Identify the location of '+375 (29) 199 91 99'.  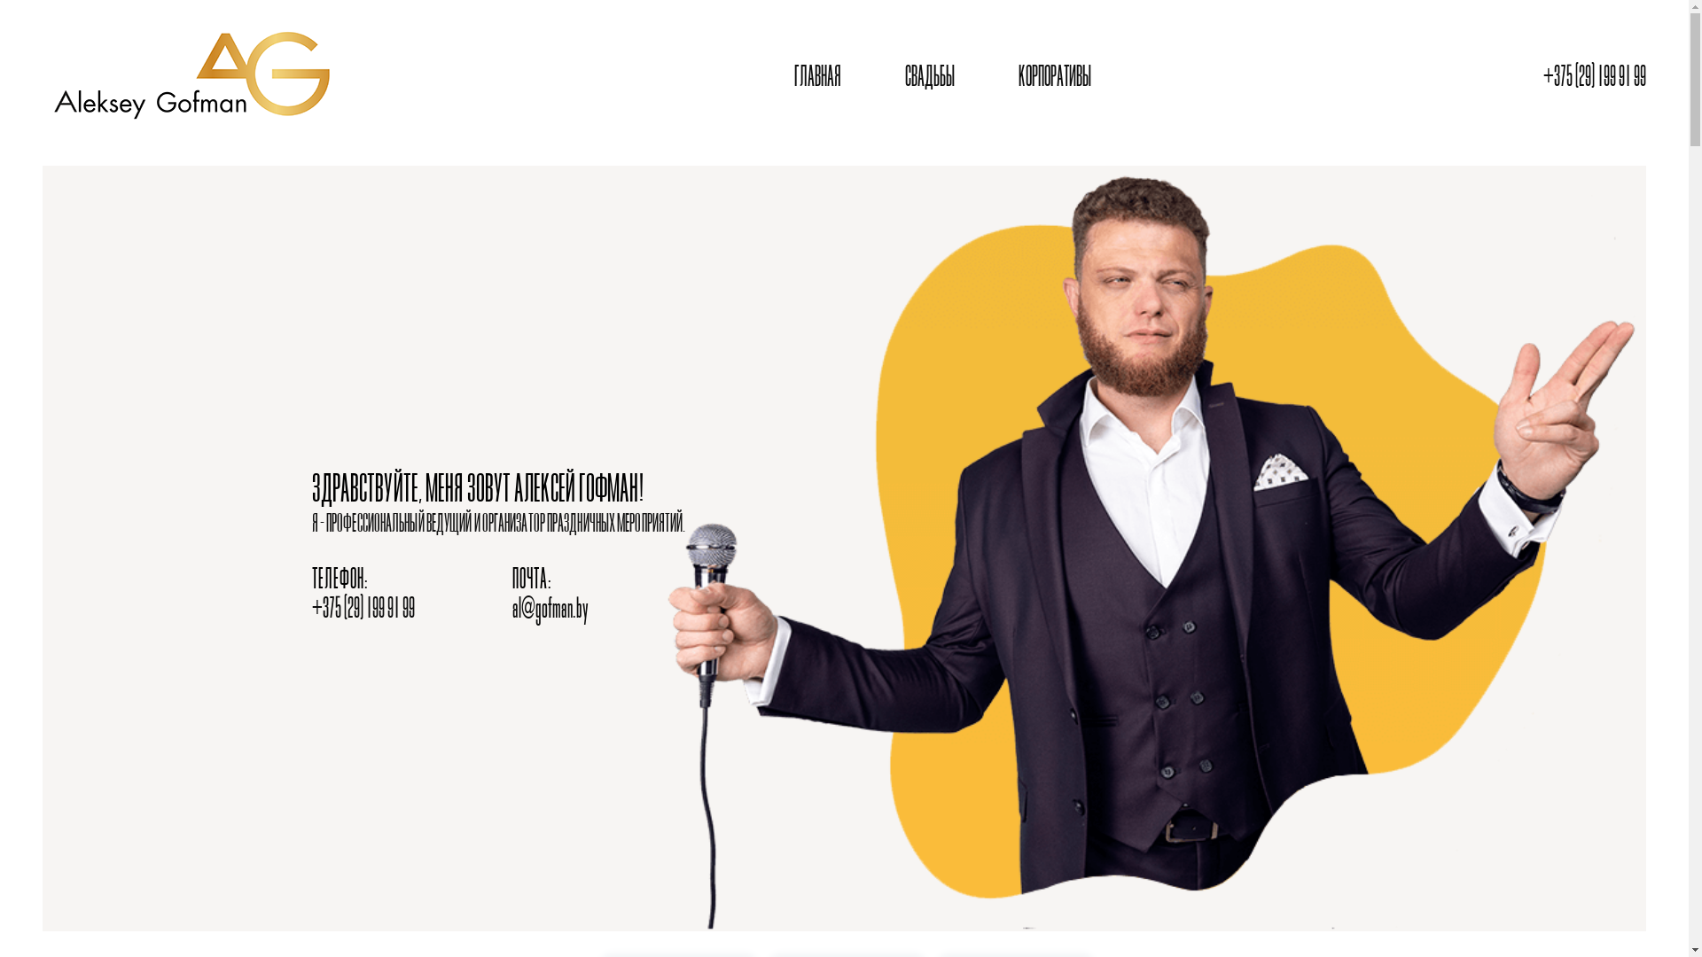
(1595, 77).